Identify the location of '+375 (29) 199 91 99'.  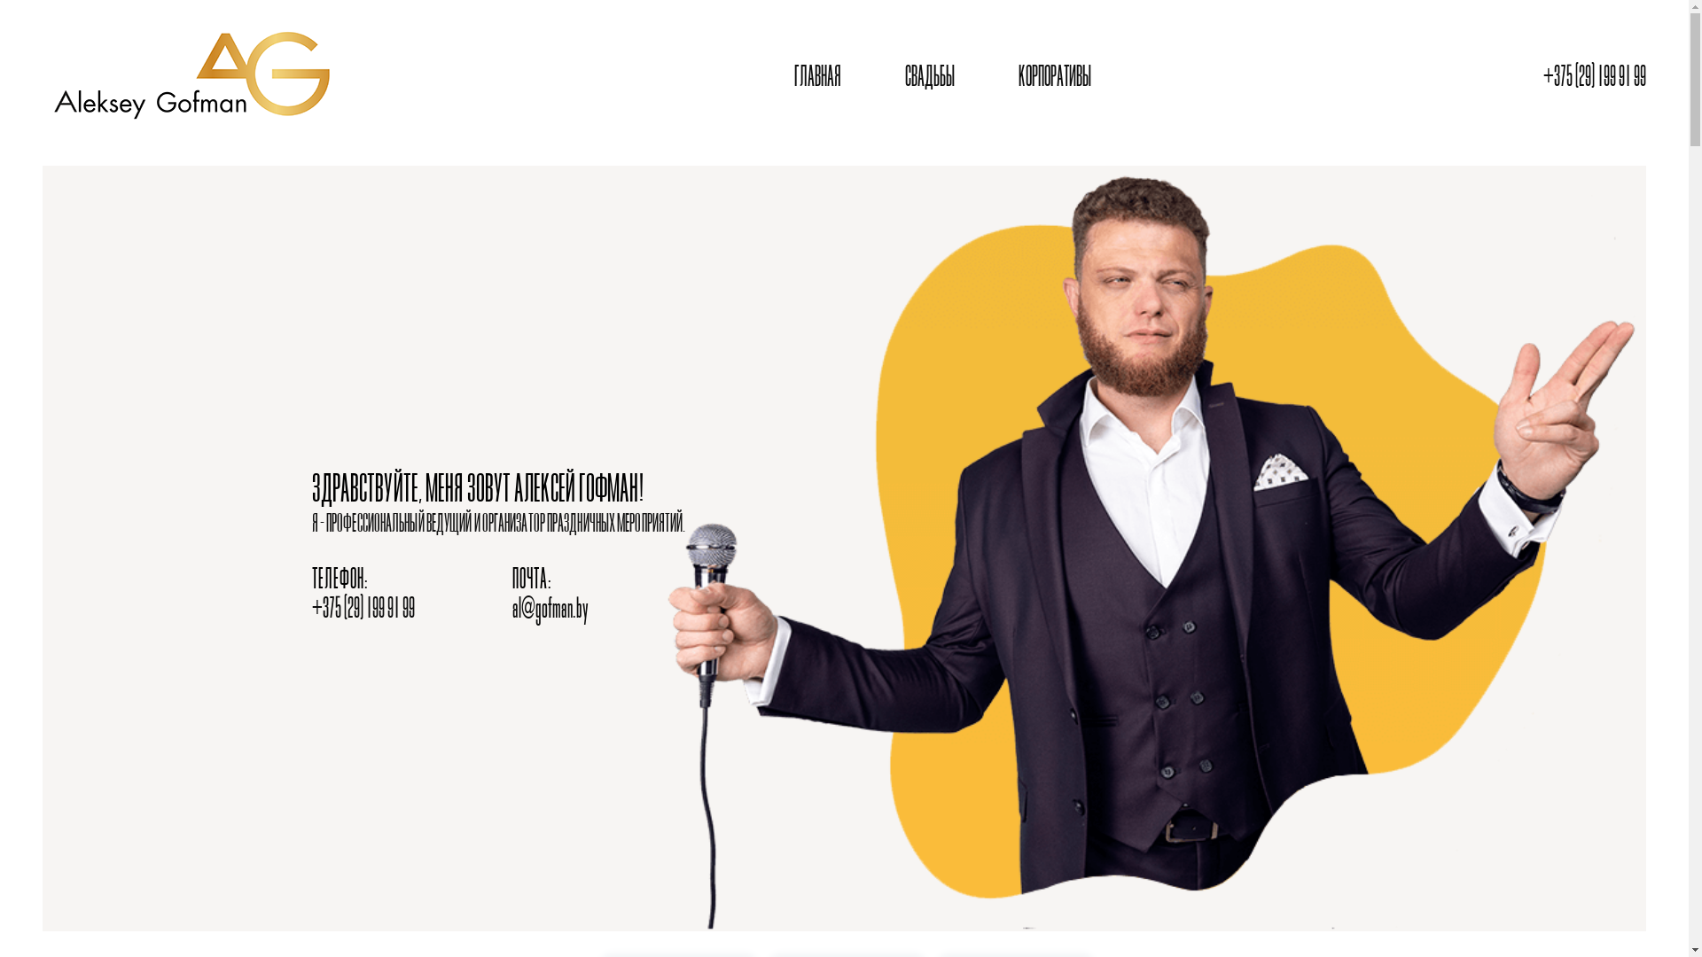
(1595, 77).